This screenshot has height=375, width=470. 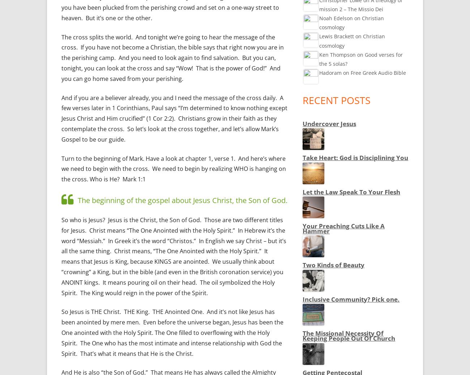 What do you see at coordinates (174, 118) in the screenshot?
I see `'And if you are a believer already, you and I need the message of the cross daily.  A few verses later in 1 Corinthians, Paul says “I’m determined to know nothing except Jesus Christ and Him crucified” (1 Cor 2:2).  Christians grow in their faith as they contemplate the cross.  So let’s look at the cross together, and let’s allow Mark’s Gospel to be our guide.'` at bounding box center [174, 118].